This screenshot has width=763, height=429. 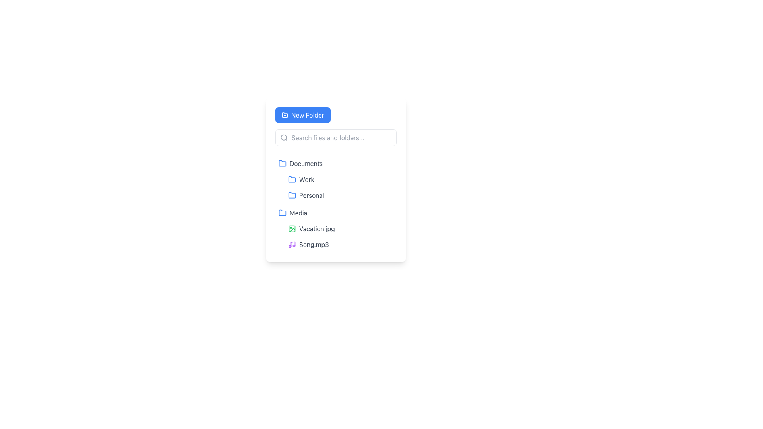 I want to click on details of the music icon represented by a purple musical note, located to the left of the text 'Song.mp3', so click(x=291, y=244).